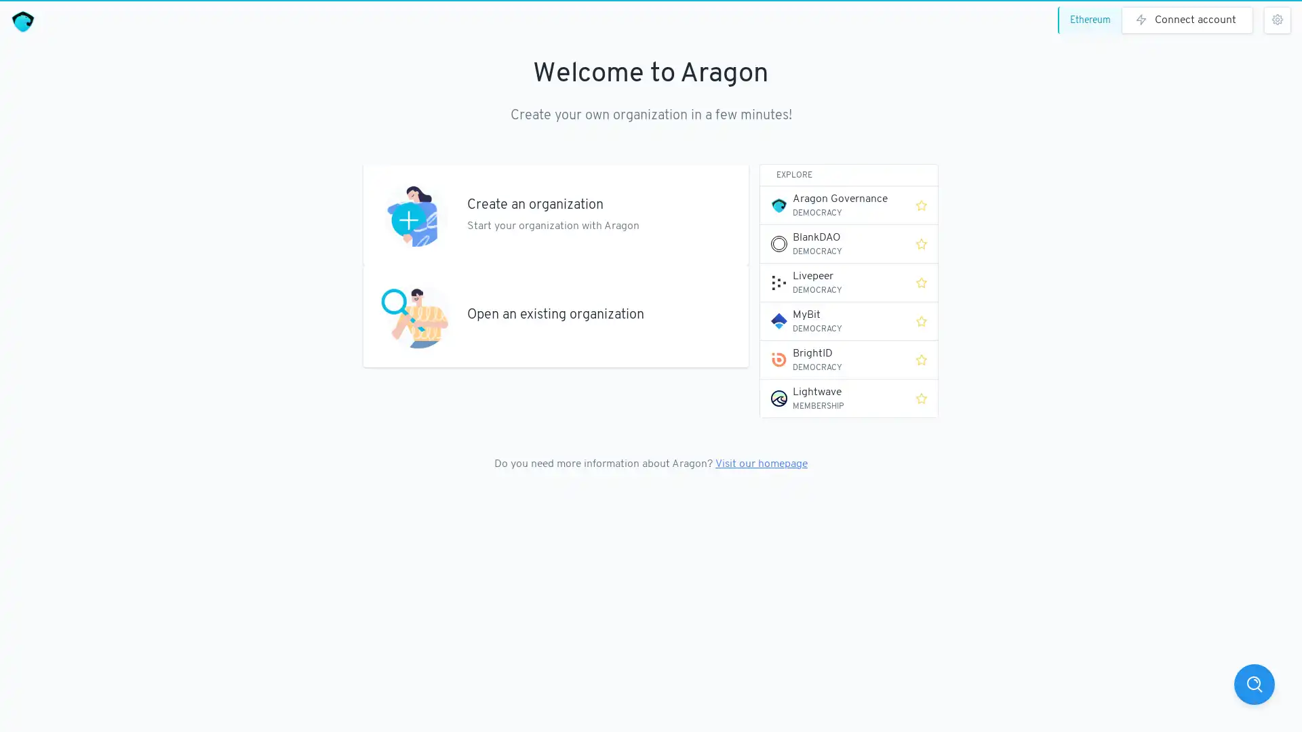  Describe the element at coordinates (1276, 20) in the screenshot. I see `Settings` at that location.